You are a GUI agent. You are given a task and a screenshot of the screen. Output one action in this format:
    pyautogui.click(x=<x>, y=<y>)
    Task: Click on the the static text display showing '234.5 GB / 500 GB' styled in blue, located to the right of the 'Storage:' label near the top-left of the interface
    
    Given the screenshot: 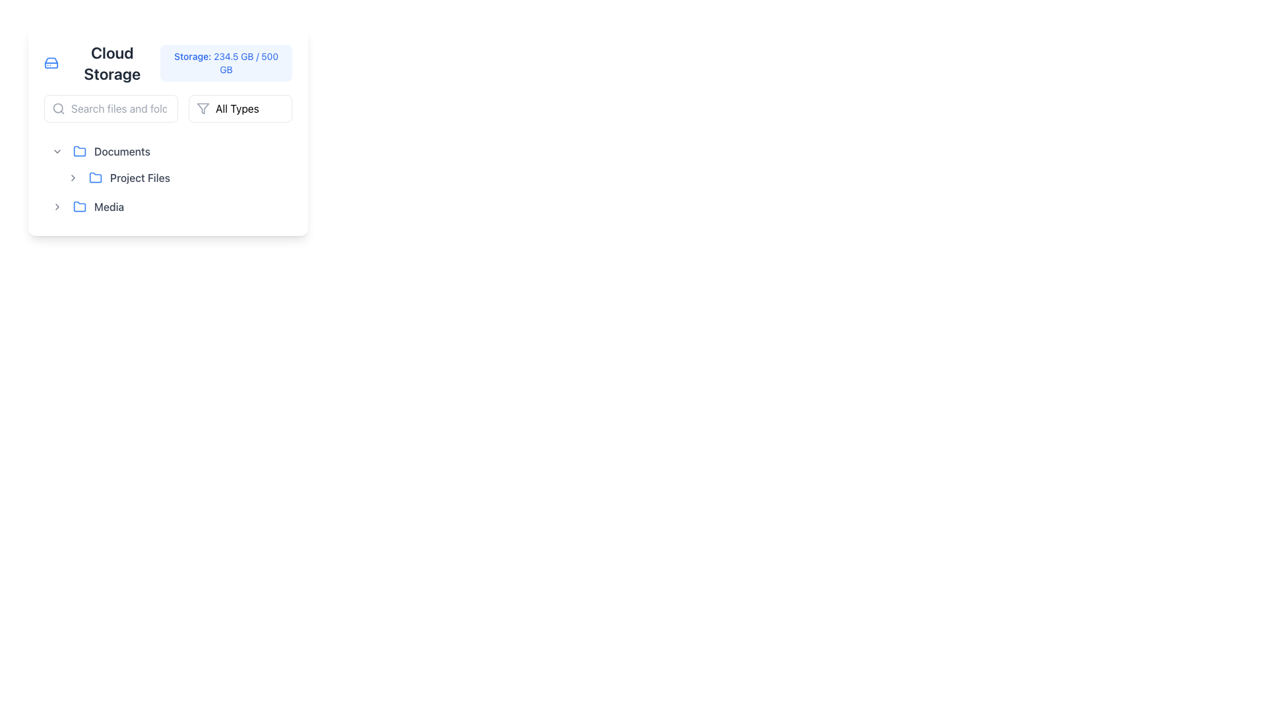 What is the action you would take?
    pyautogui.click(x=246, y=63)
    